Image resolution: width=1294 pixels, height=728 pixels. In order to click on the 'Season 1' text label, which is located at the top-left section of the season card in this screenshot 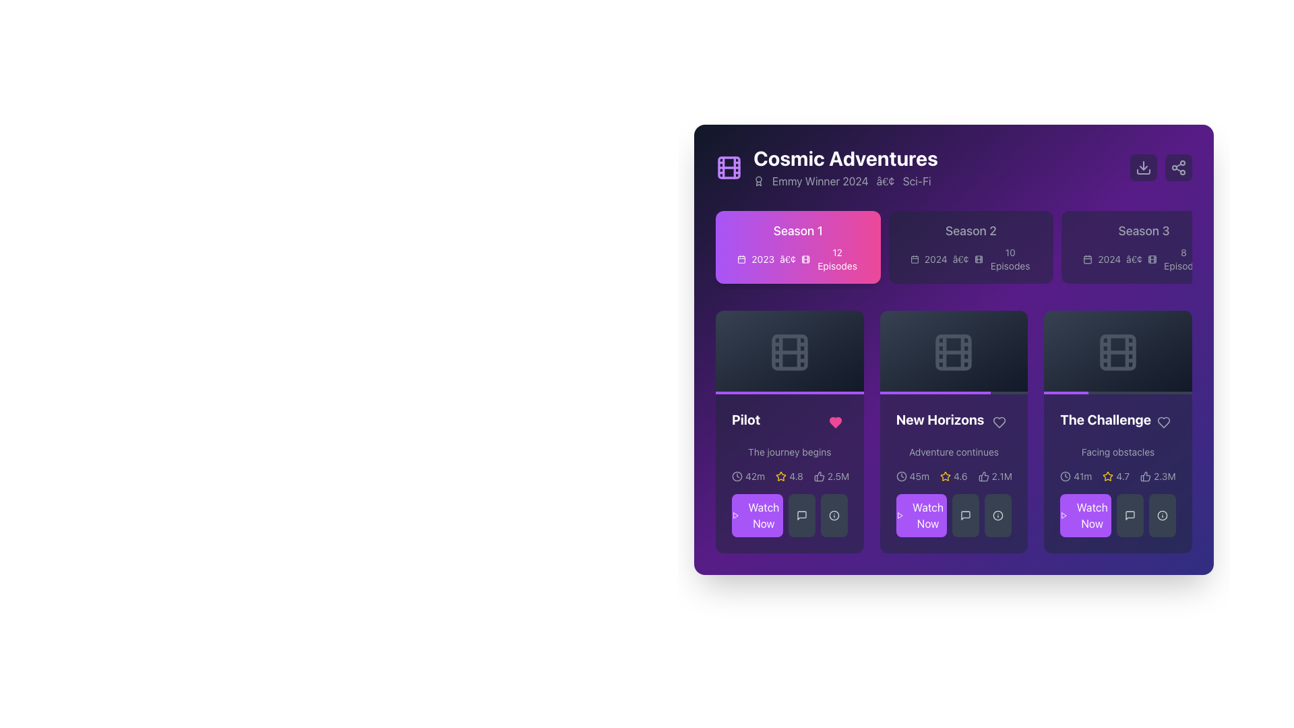, I will do `click(798, 231)`.